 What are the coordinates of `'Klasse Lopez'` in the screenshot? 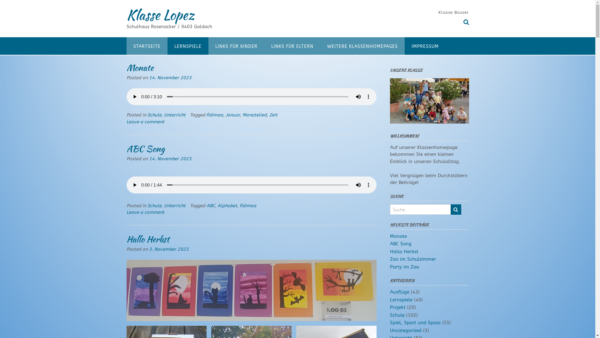 It's located at (160, 14).